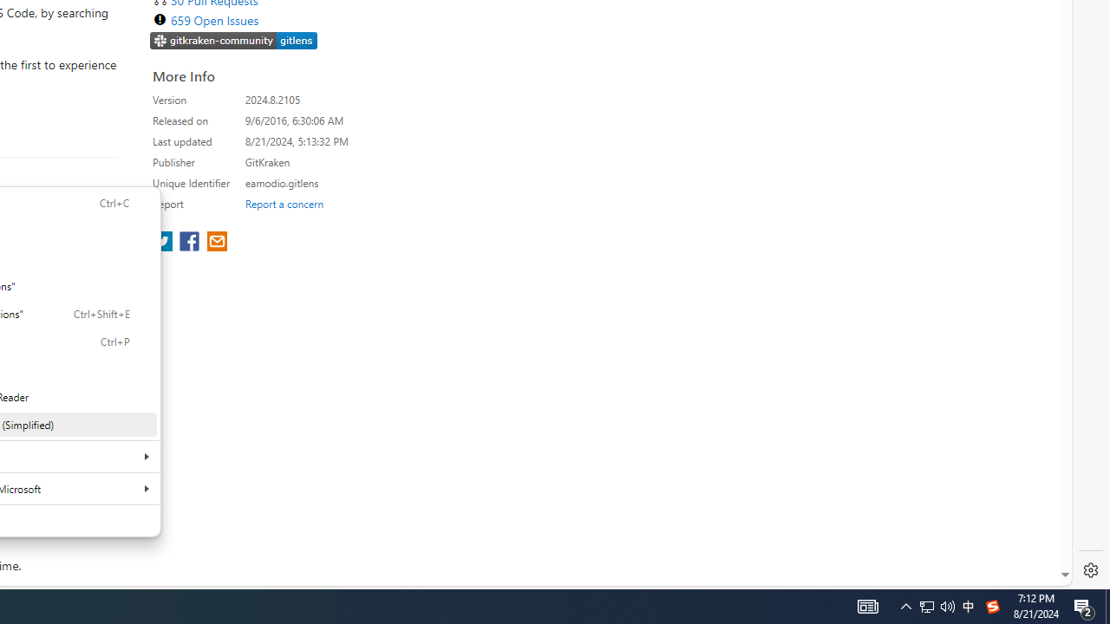 This screenshot has width=1110, height=624. Describe the element at coordinates (165, 243) in the screenshot. I see `'share extension on twitter'` at that location.